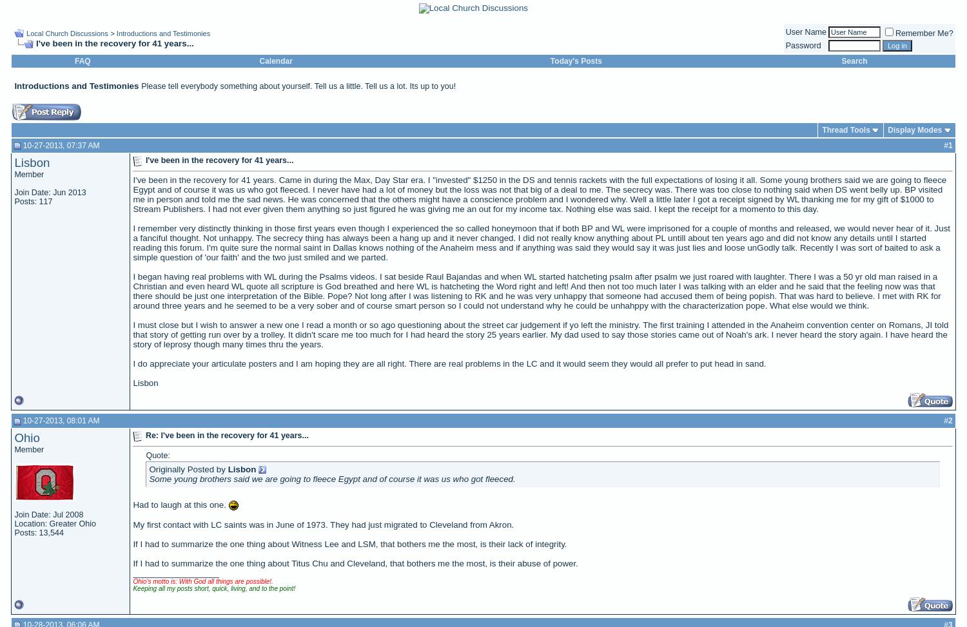 The width and height of the screenshot is (967, 627). Describe the element at coordinates (540, 334) in the screenshot. I see `'I must close but I wish to answer a new one I read a month or so ago questioning about the street car judgement if yo left the ministry.  The first training I attended in the Anaheim convention center on Romans, JI told that story of getting run over by a trolley.  It didn't scare me too much for I had heard the story 25 years earlier.  My dad used to say those stories came out of Noah's ark.  I never heard the story again.  I have heard the story of leprosy though many times thru the years.'` at that location.